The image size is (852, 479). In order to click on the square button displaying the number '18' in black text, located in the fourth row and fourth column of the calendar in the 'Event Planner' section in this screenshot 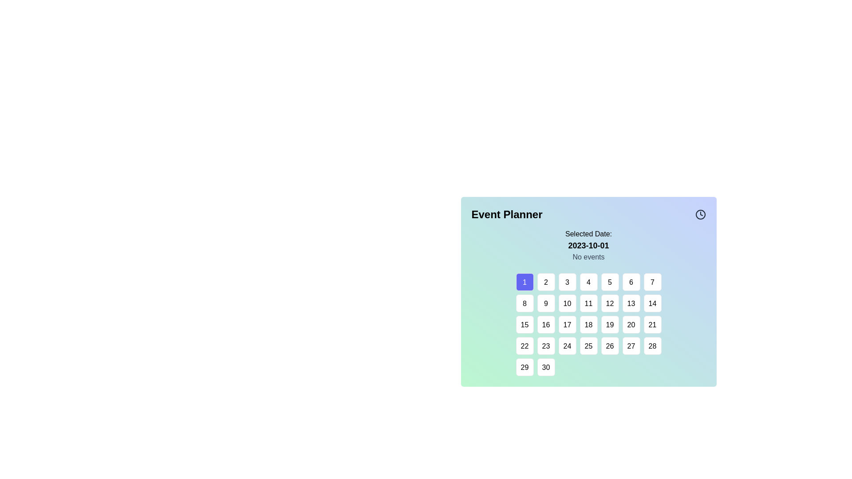, I will do `click(588, 325)`.